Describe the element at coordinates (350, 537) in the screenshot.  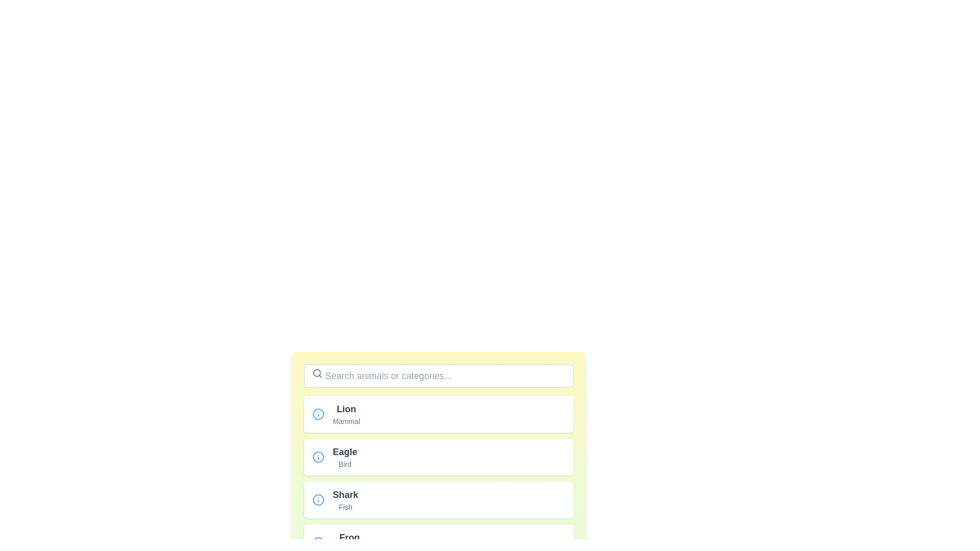
I see `the 'Frog' text label` at that location.